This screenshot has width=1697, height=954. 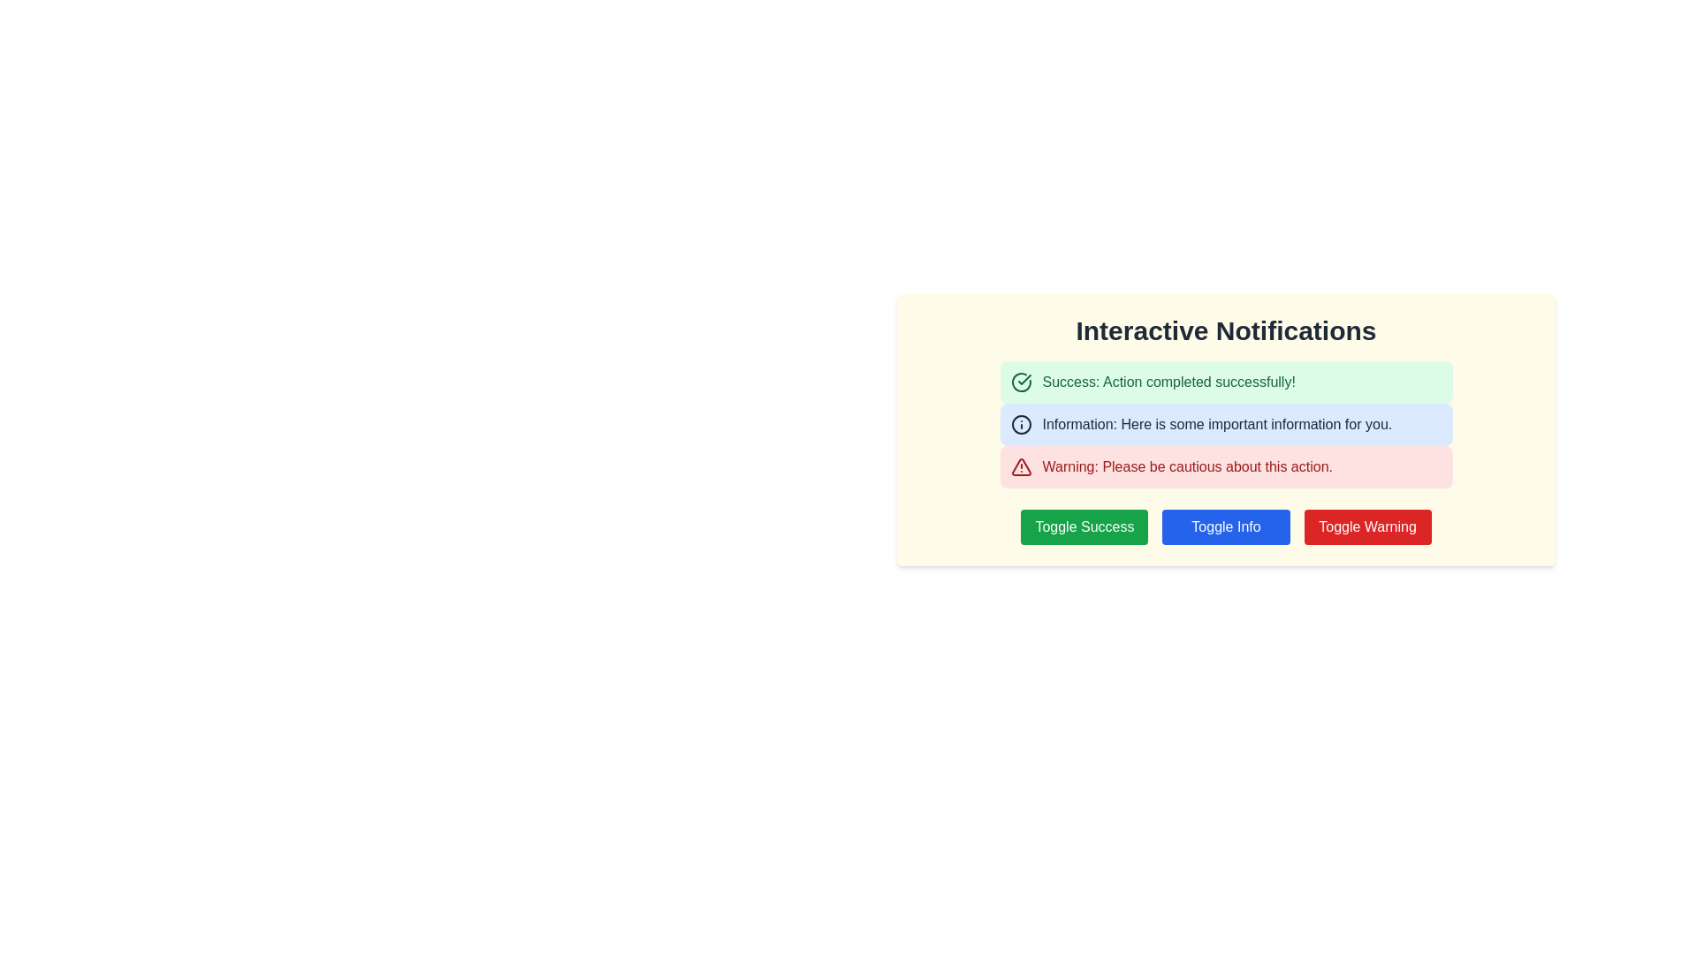 I want to click on the bold title displaying 'Interactive Notifications' at the top of the notification panel, so click(x=1225, y=330).